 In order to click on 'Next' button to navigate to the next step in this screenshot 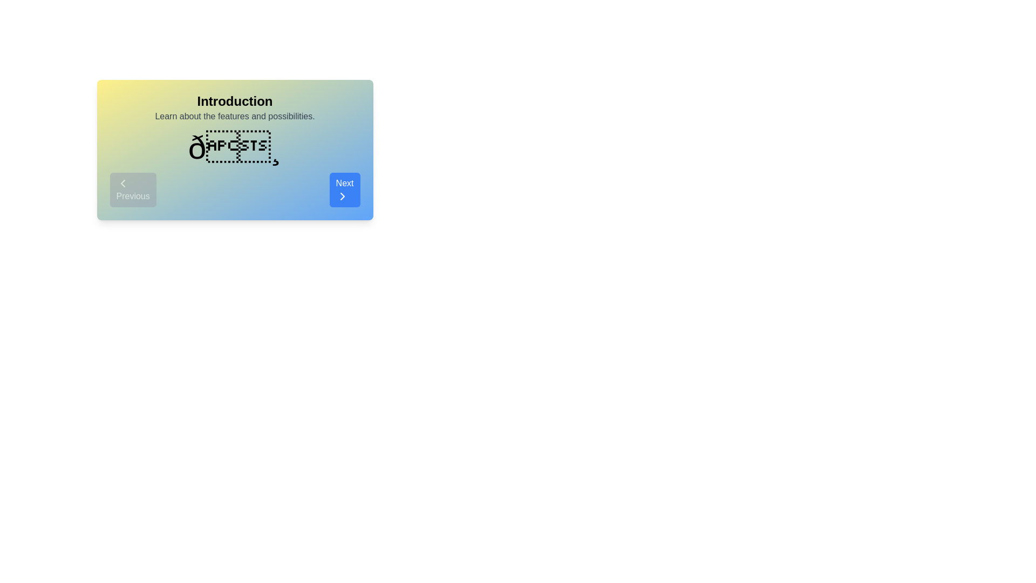, I will do `click(344, 189)`.